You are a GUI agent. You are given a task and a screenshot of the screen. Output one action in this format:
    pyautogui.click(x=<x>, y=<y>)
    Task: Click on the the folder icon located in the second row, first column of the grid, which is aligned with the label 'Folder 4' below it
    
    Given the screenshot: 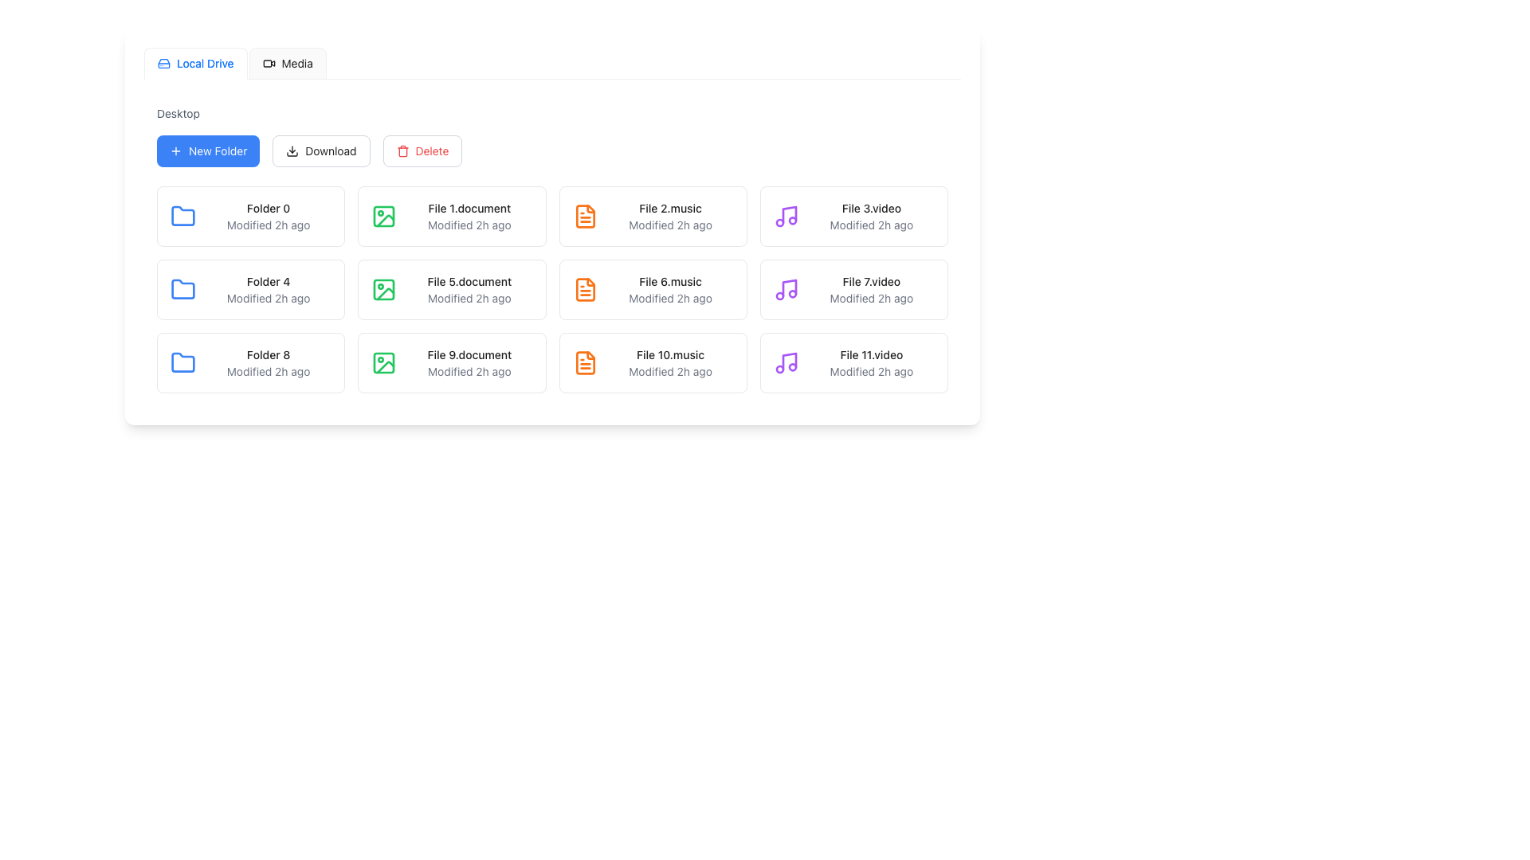 What is the action you would take?
    pyautogui.click(x=183, y=288)
    